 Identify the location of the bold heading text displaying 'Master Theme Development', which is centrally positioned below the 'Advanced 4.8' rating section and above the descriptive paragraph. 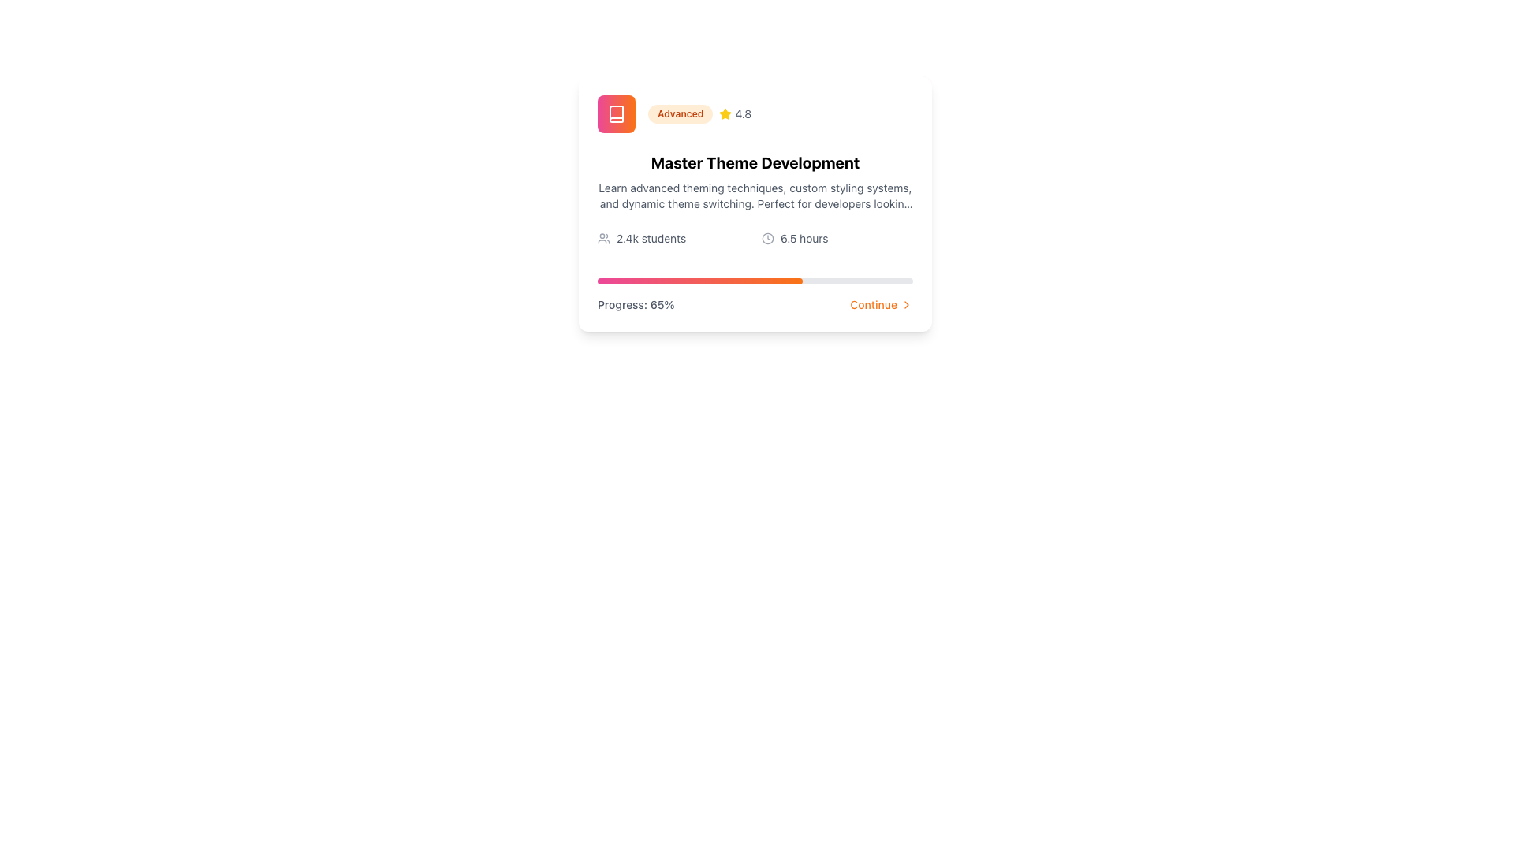
(755, 163).